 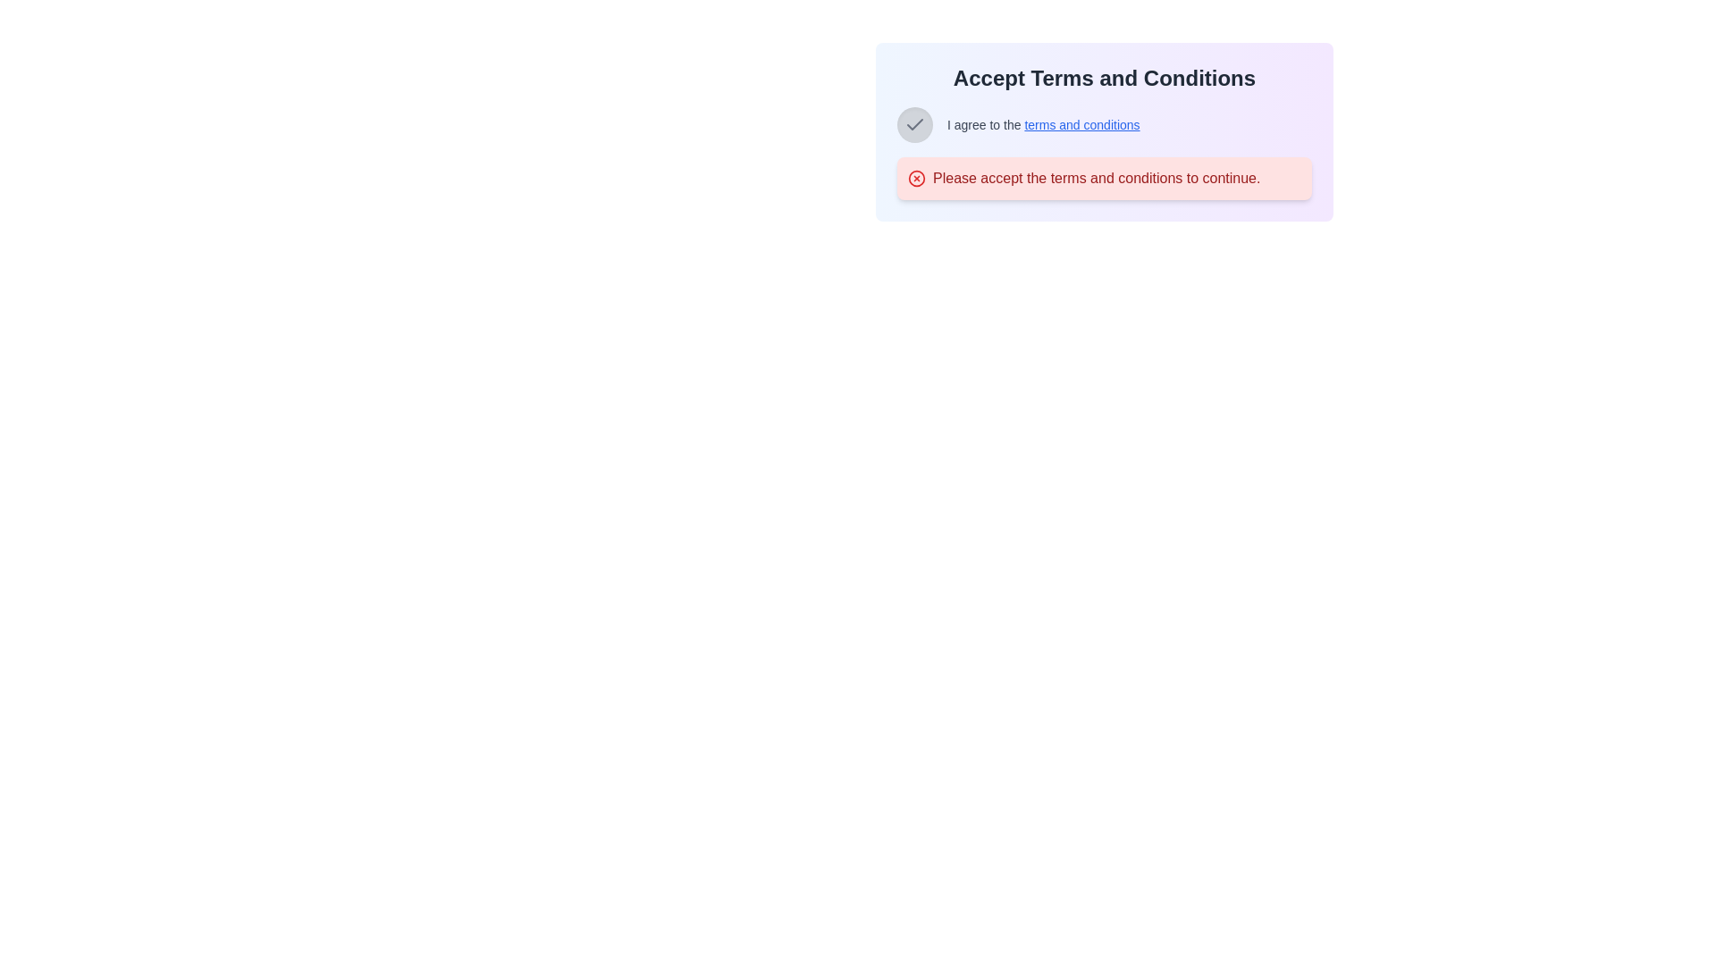 I want to click on the status of the checkmark icon within the checkbox located in the upper left area of the 'Accept Terms and Conditions' panel, so click(x=914, y=123).